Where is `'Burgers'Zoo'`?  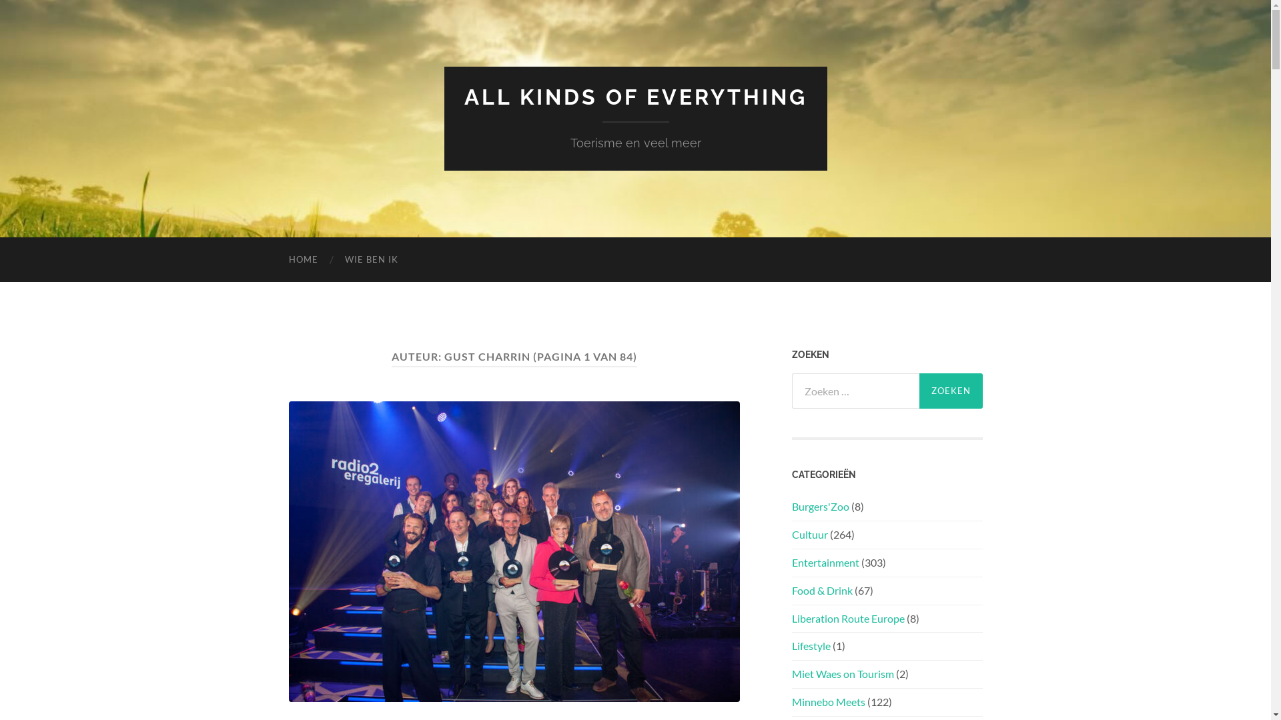
'Burgers'Zoo' is located at coordinates (791, 506).